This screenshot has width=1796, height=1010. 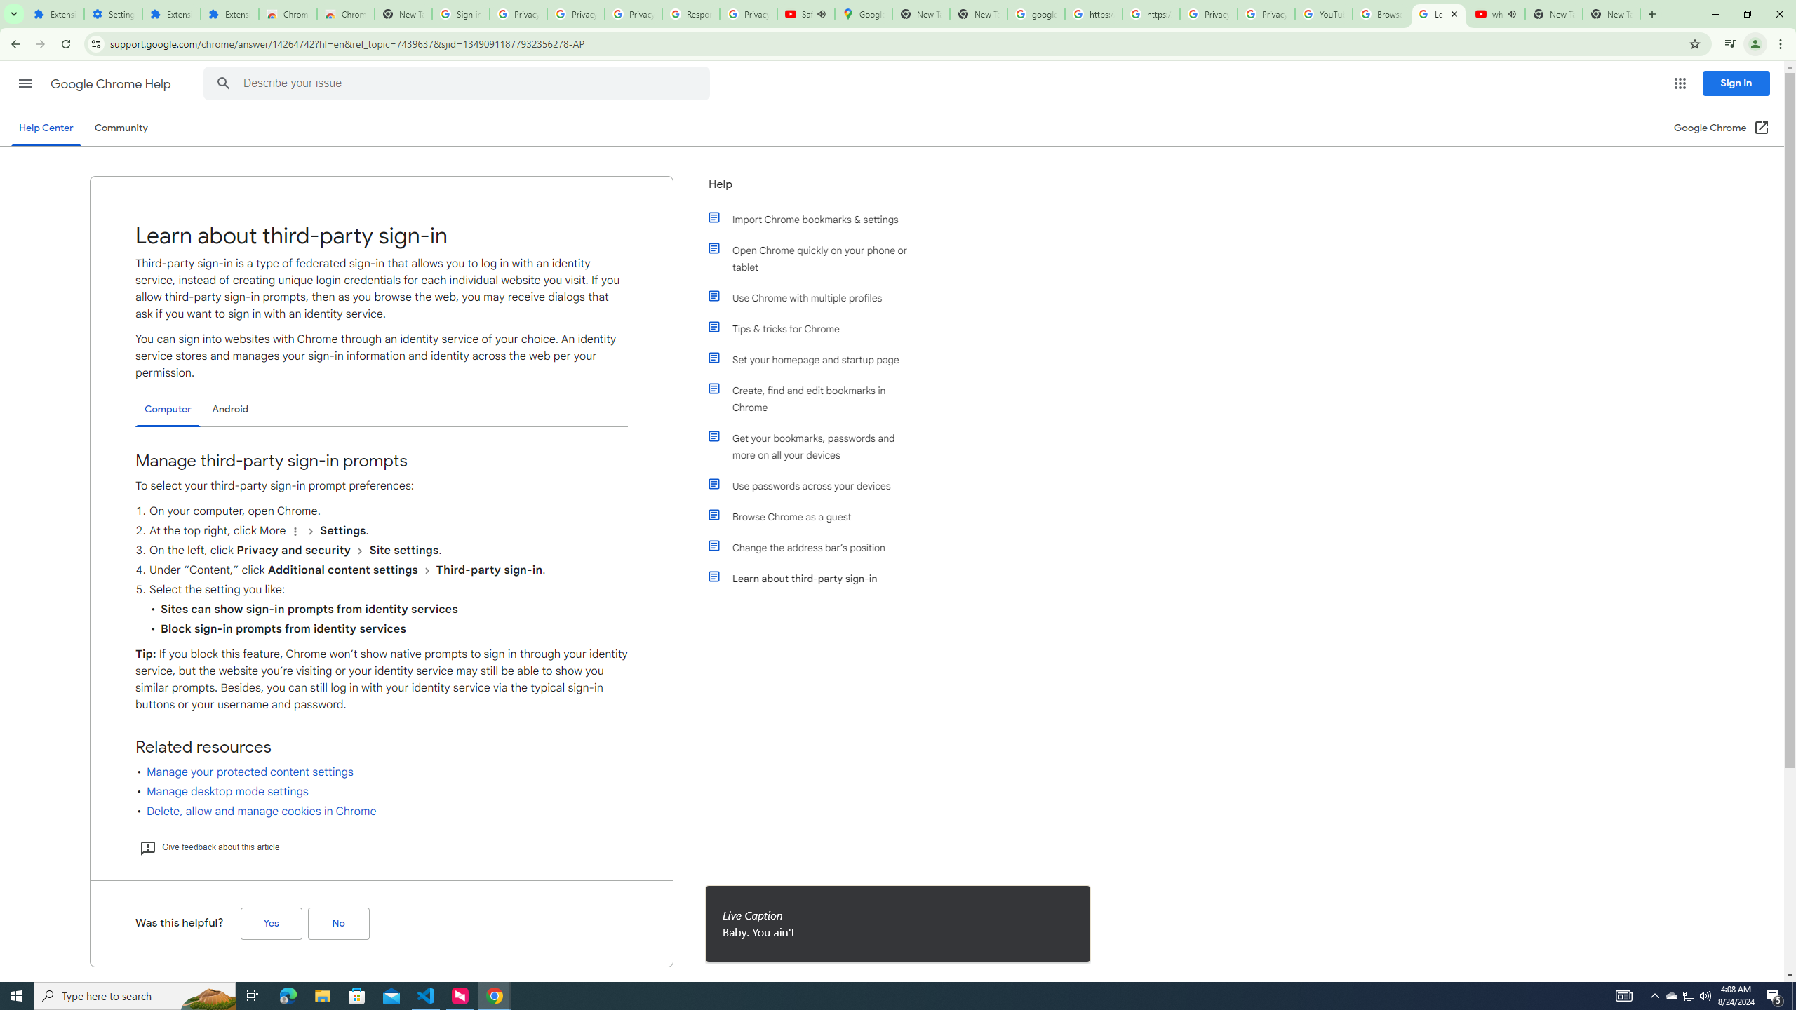 What do you see at coordinates (54, 13) in the screenshot?
I see `'Extensions'` at bounding box center [54, 13].